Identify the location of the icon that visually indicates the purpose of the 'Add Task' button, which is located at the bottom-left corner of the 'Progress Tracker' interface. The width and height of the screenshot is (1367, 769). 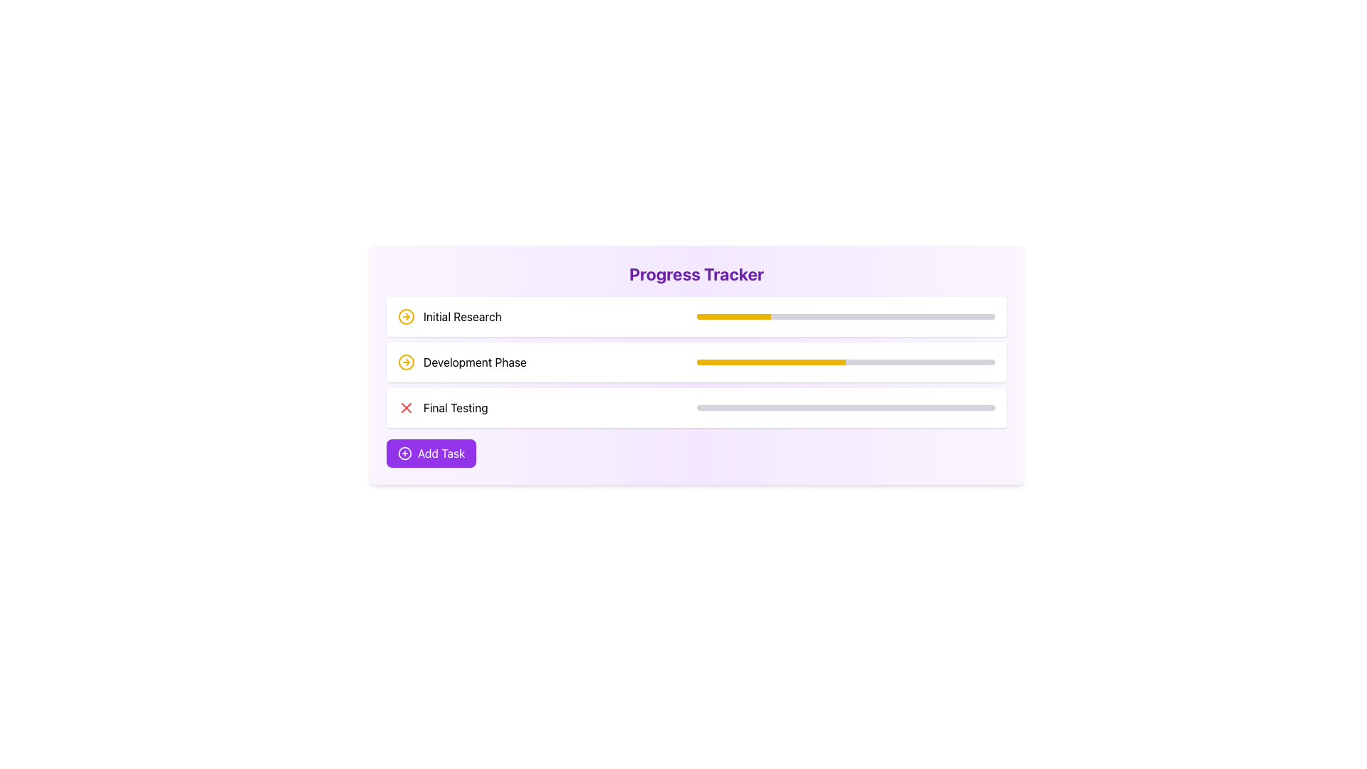
(404, 453).